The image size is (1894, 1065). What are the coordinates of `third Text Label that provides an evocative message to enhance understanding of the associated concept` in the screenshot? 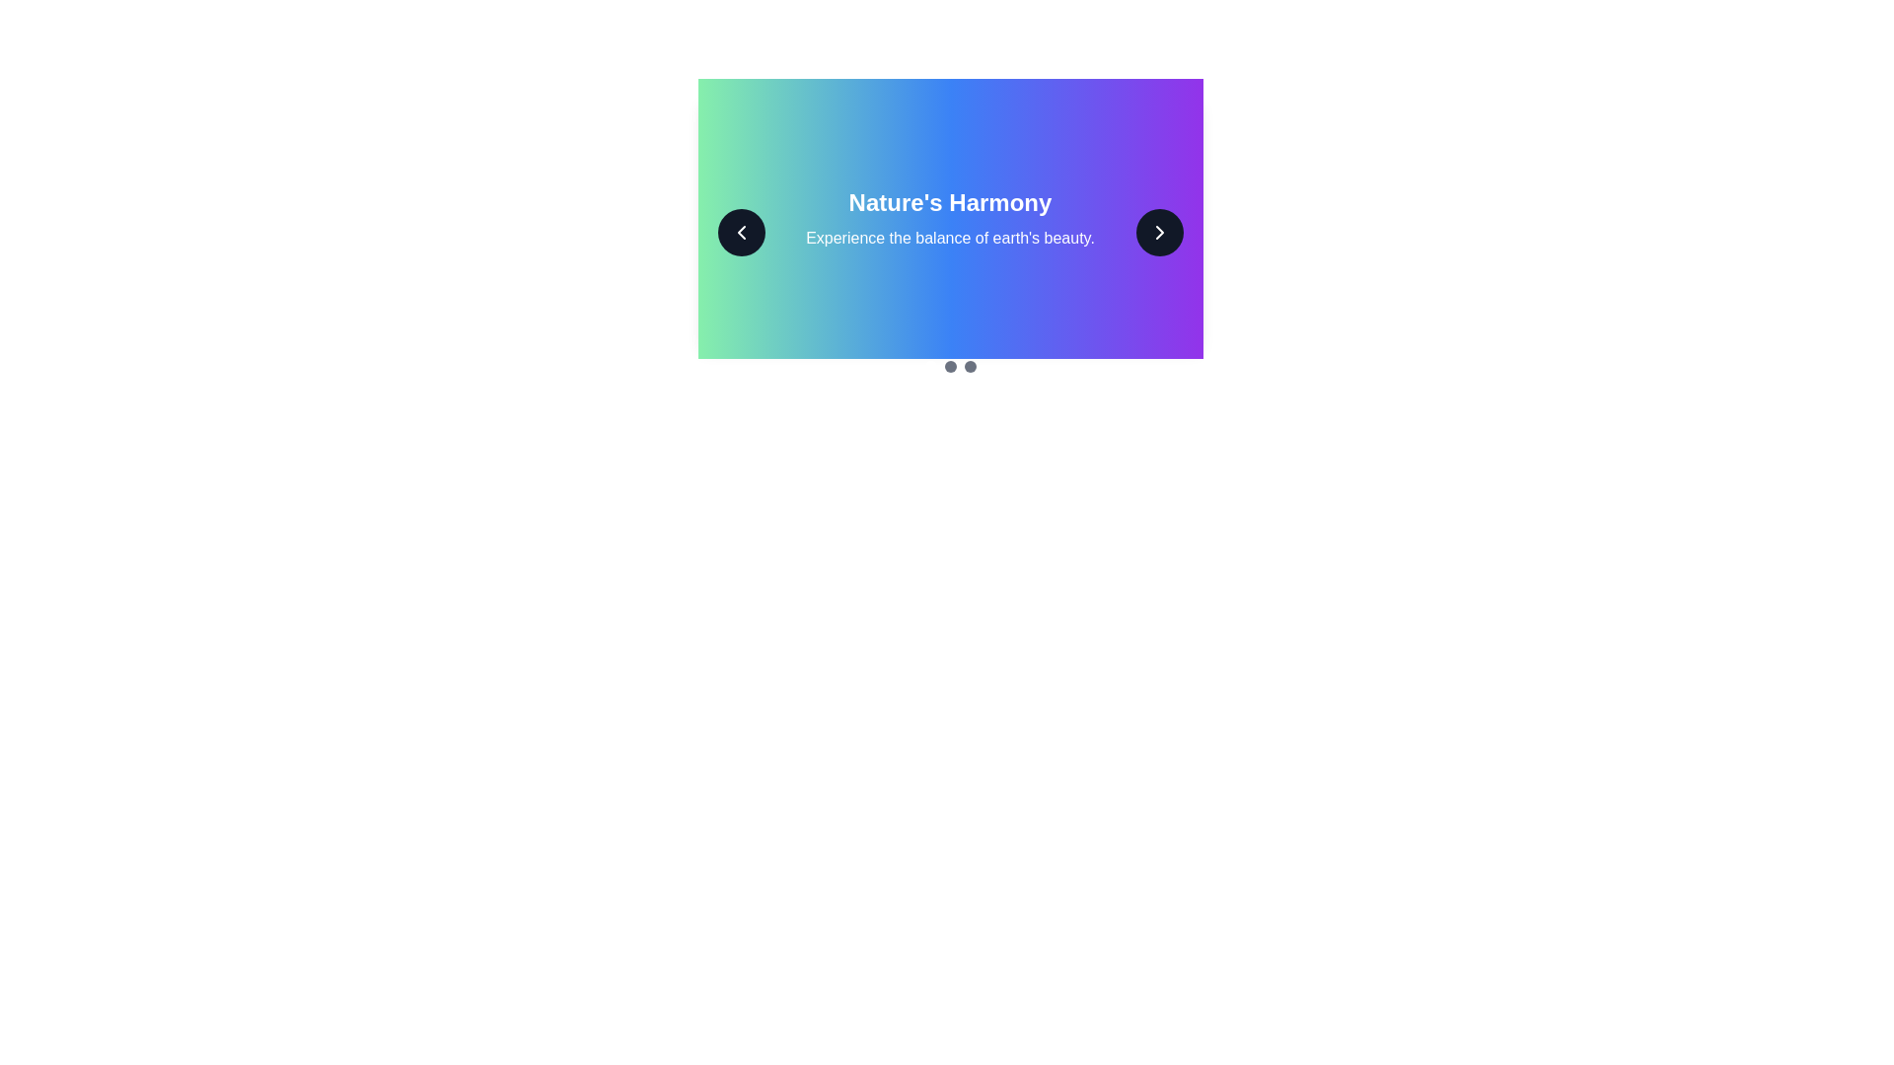 It's located at (950, 238).